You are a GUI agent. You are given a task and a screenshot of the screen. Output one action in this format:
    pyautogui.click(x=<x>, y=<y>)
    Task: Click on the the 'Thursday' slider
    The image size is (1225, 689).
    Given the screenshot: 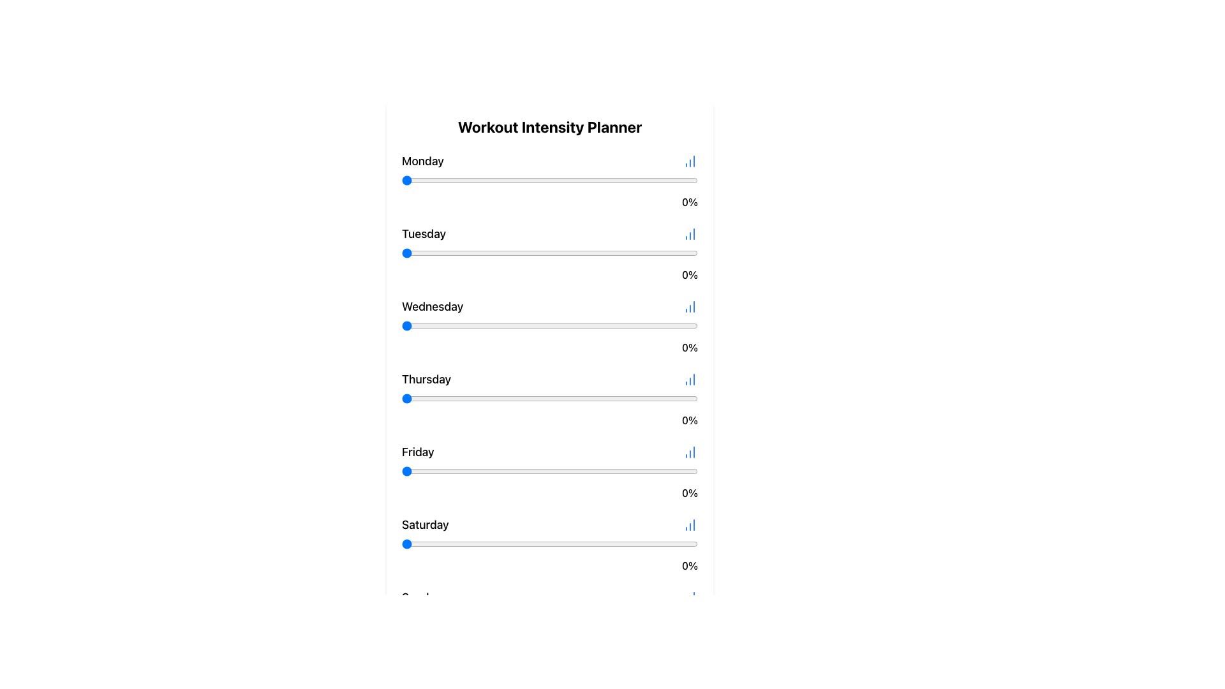 What is the action you would take?
    pyautogui.click(x=630, y=397)
    